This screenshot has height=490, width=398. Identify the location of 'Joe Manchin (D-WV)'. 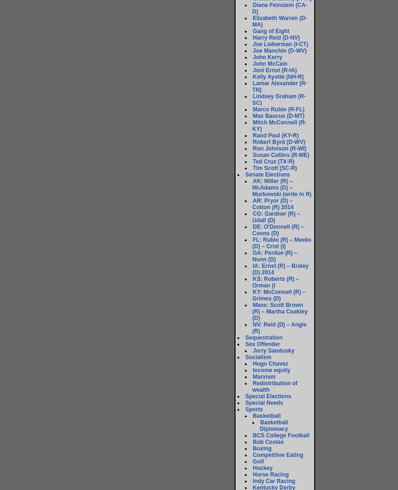
(253, 50).